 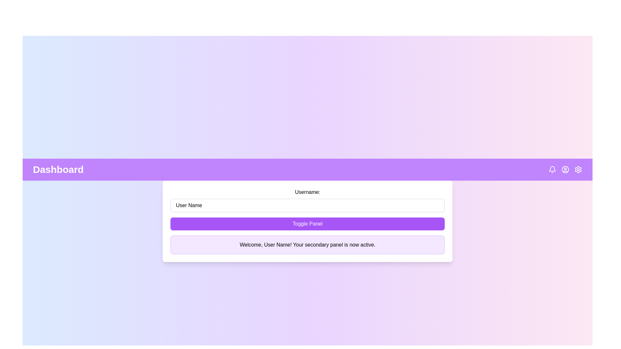 What do you see at coordinates (565, 169) in the screenshot?
I see `the circular user profile icon located on the right end of the top purple navigation bar` at bounding box center [565, 169].